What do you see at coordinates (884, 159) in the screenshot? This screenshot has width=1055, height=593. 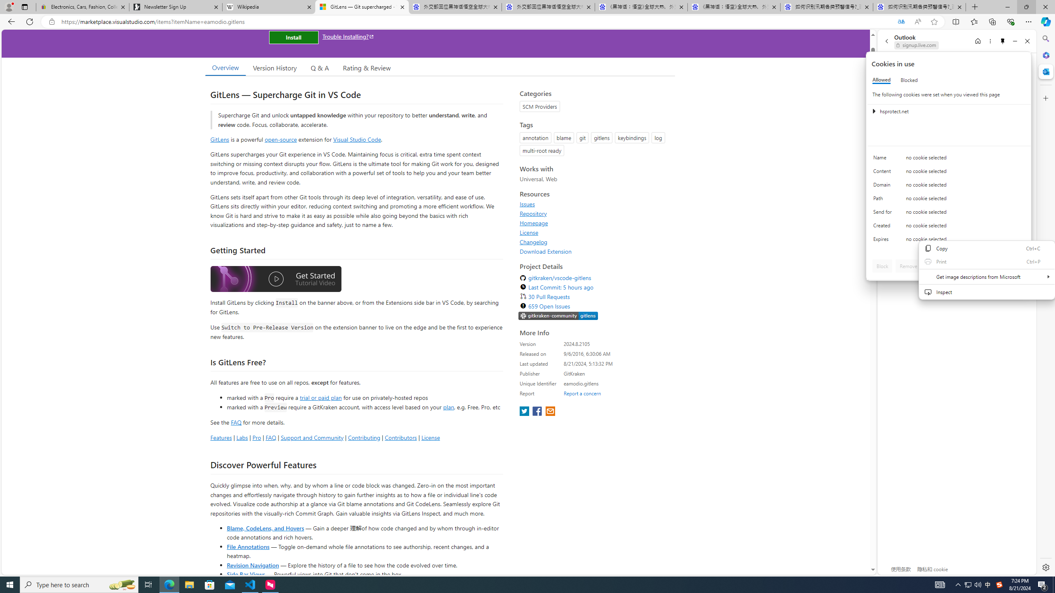 I see `'Name'` at bounding box center [884, 159].